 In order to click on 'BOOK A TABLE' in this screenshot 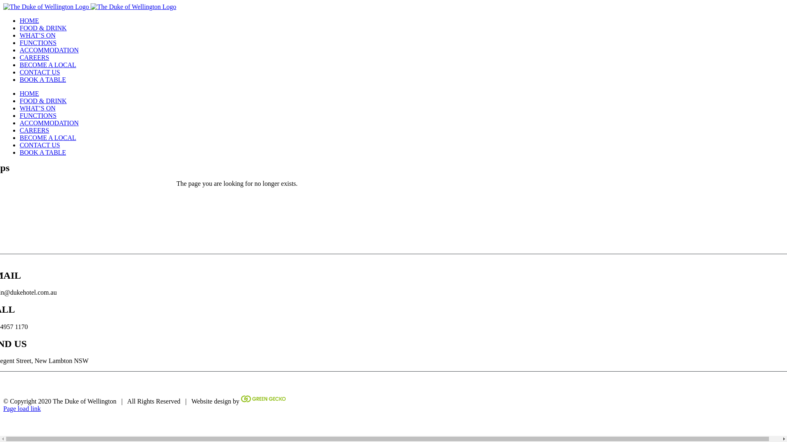, I will do `click(42, 152)`.